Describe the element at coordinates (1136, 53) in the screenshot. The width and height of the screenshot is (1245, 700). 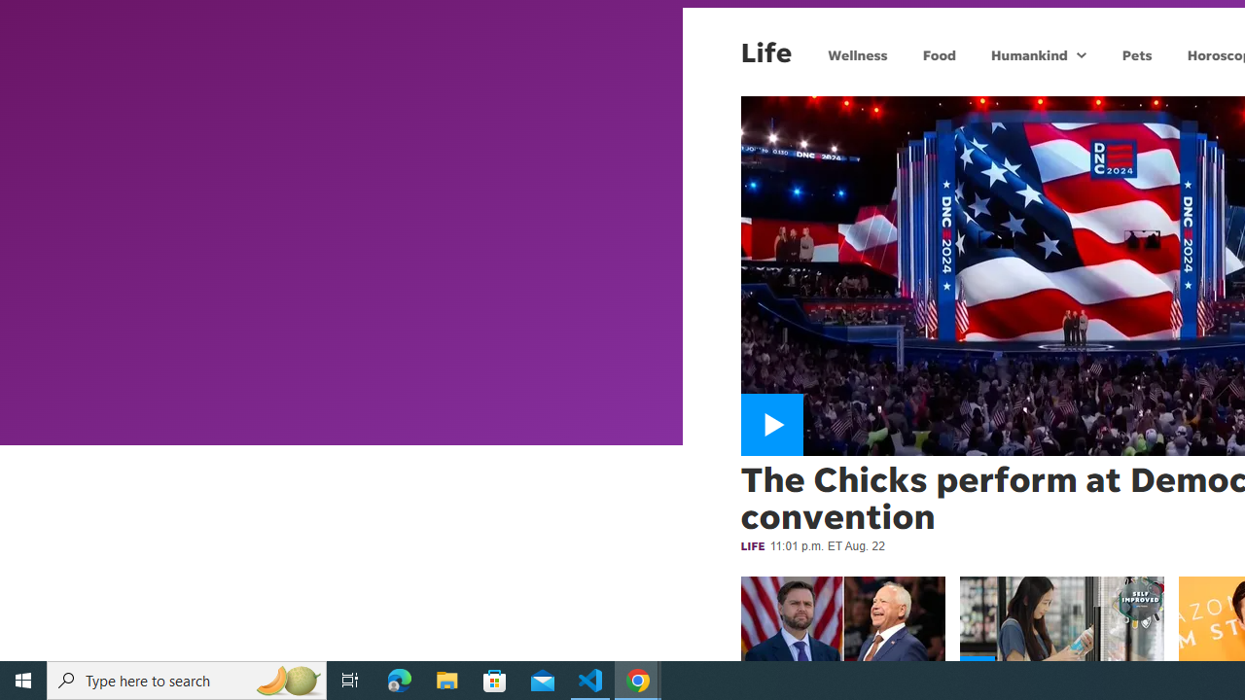
I see `'Pets'` at that location.